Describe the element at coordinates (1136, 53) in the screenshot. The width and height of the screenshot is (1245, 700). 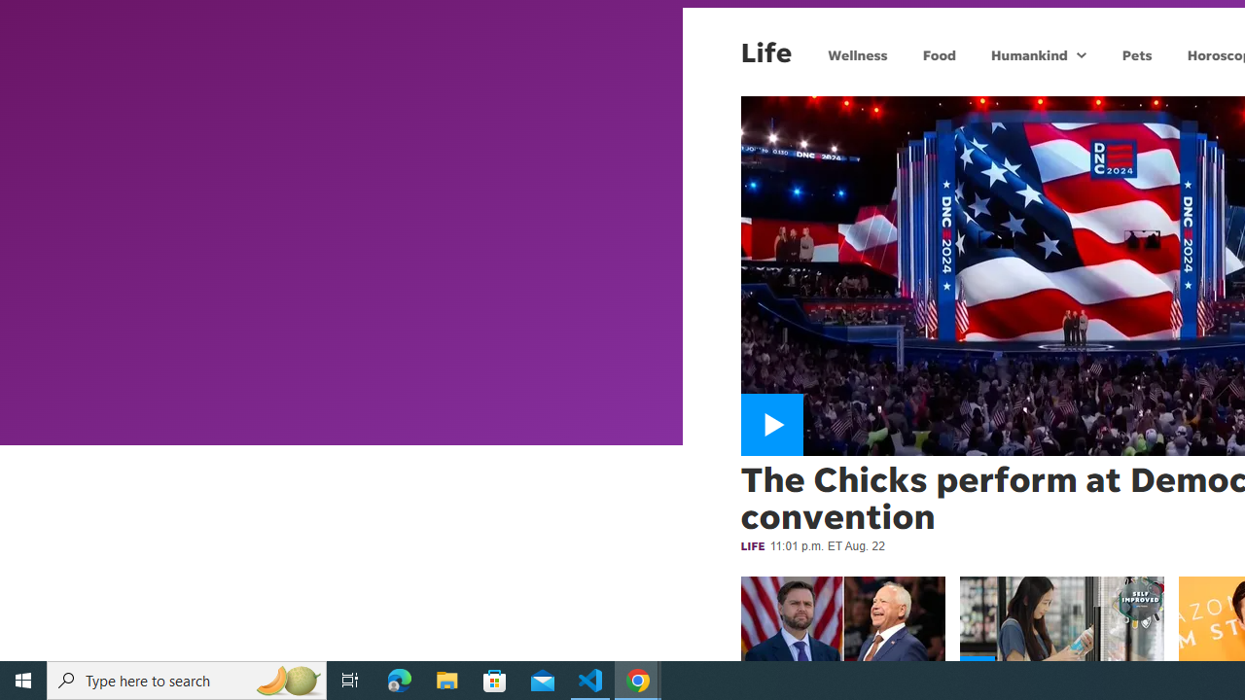
I see `'Pets'` at that location.